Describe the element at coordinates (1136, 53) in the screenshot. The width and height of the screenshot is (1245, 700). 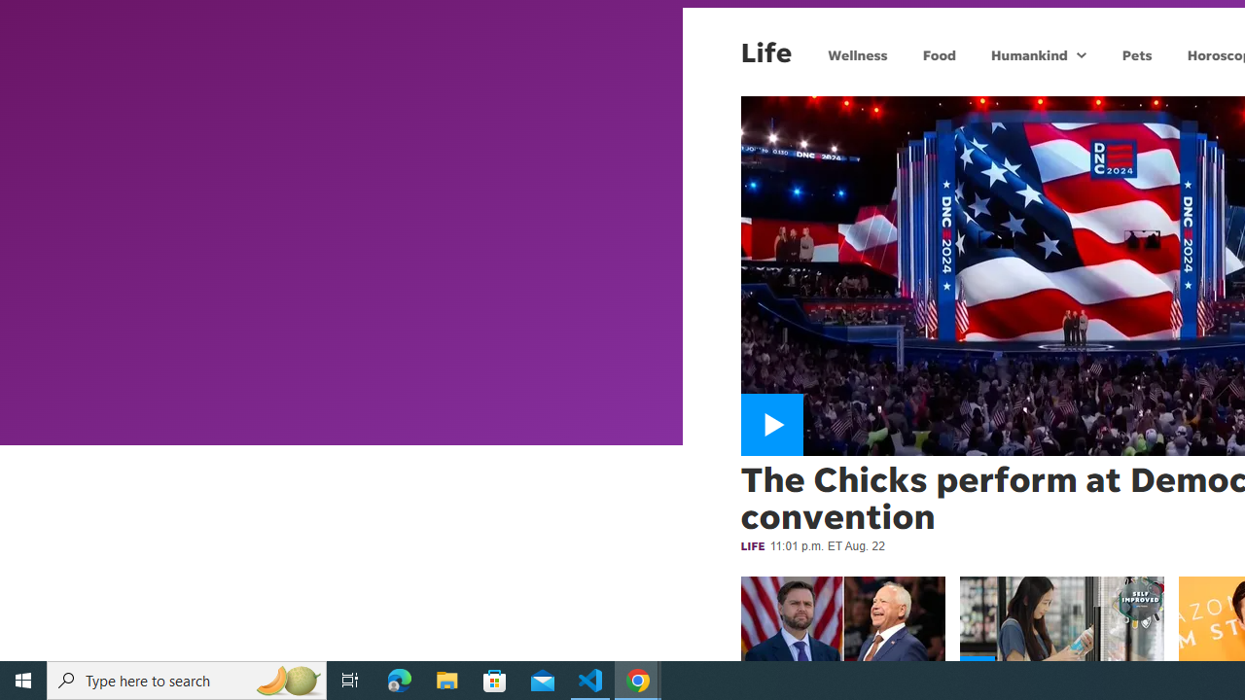
I see `'Pets'` at that location.